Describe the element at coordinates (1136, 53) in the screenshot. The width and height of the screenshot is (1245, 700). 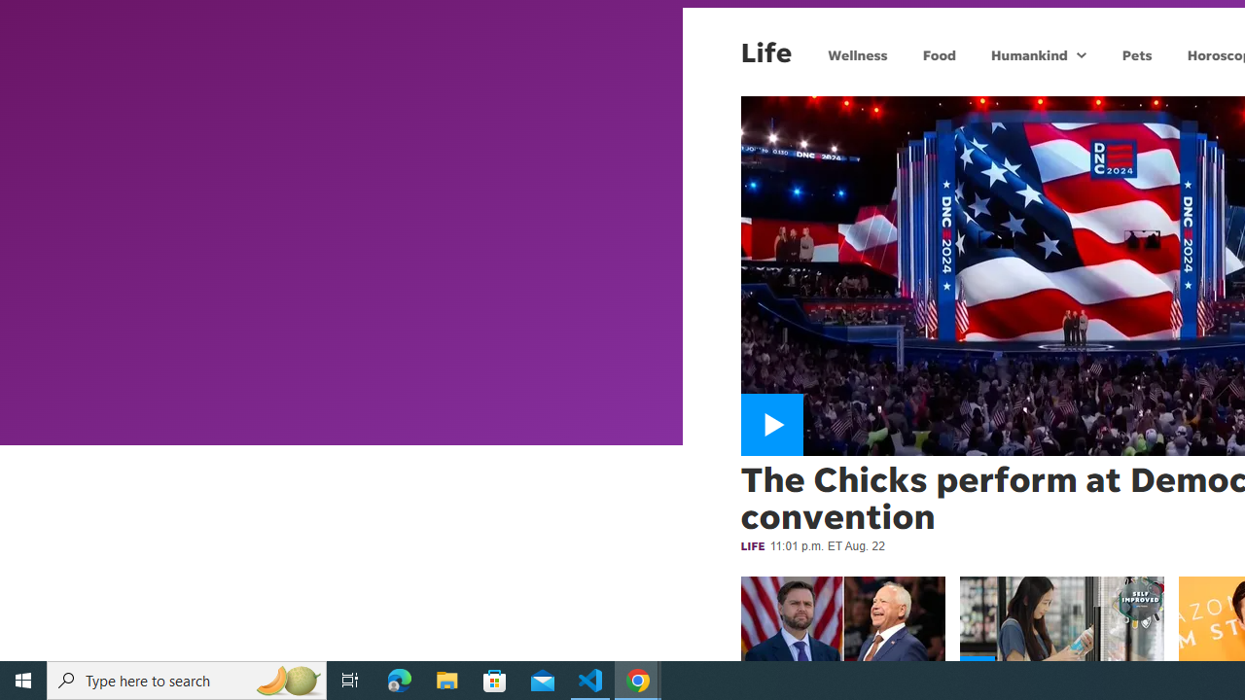
I see `'Pets'` at that location.